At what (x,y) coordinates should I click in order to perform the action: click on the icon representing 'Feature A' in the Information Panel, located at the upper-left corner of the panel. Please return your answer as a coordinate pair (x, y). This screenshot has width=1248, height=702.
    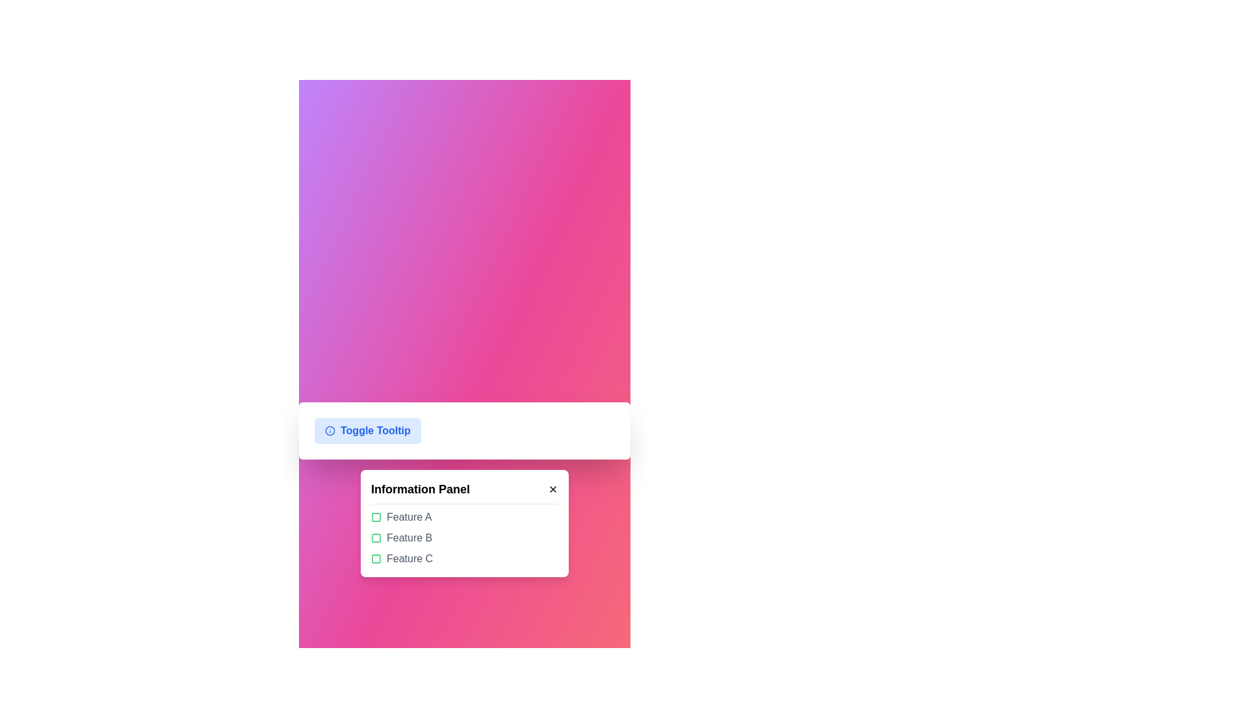
    Looking at the image, I should click on (376, 516).